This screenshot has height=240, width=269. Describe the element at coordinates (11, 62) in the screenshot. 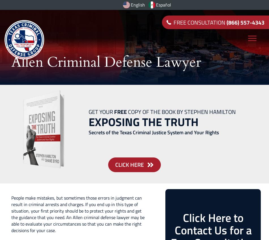

I see `'Allen Criminal Defense Lawyer'` at that location.